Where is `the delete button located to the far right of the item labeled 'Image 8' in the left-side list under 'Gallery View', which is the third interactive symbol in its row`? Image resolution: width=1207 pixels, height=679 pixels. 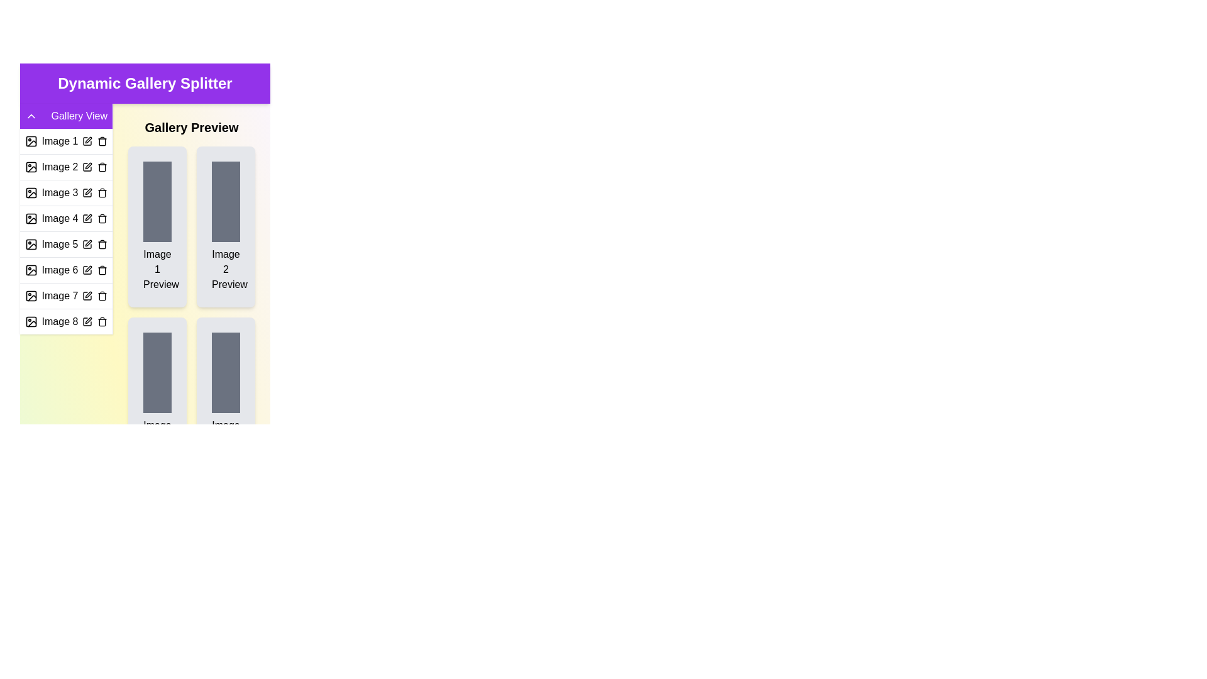 the delete button located to the far right of the item labeled 'Image 8' in the left-side list under 'Gallery View', which is the third interactive symbol in its row is located at coordinates (102, 321).